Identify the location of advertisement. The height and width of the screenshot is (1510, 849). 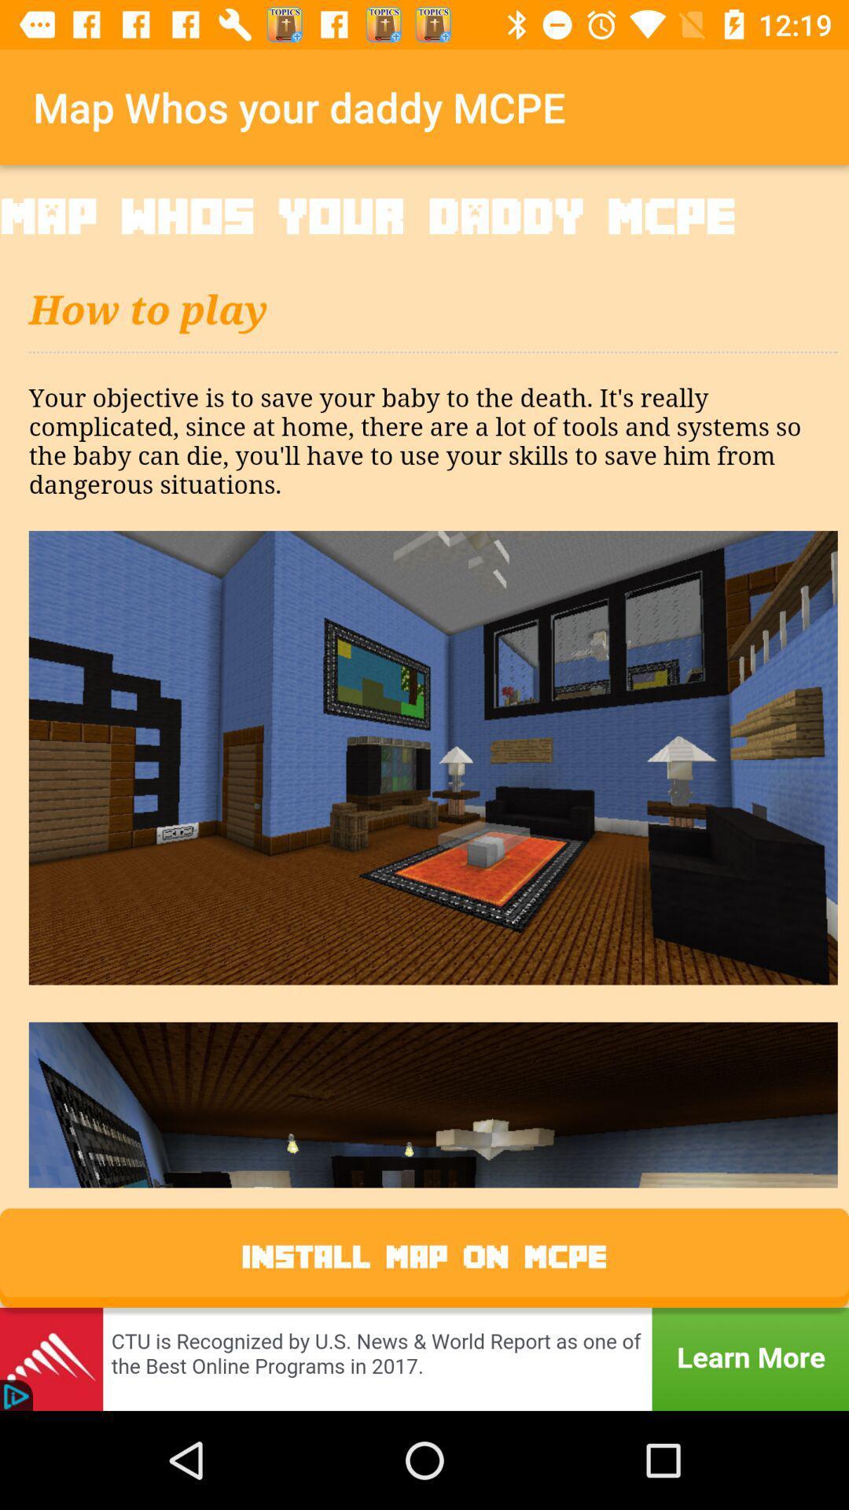
(424, 1358).